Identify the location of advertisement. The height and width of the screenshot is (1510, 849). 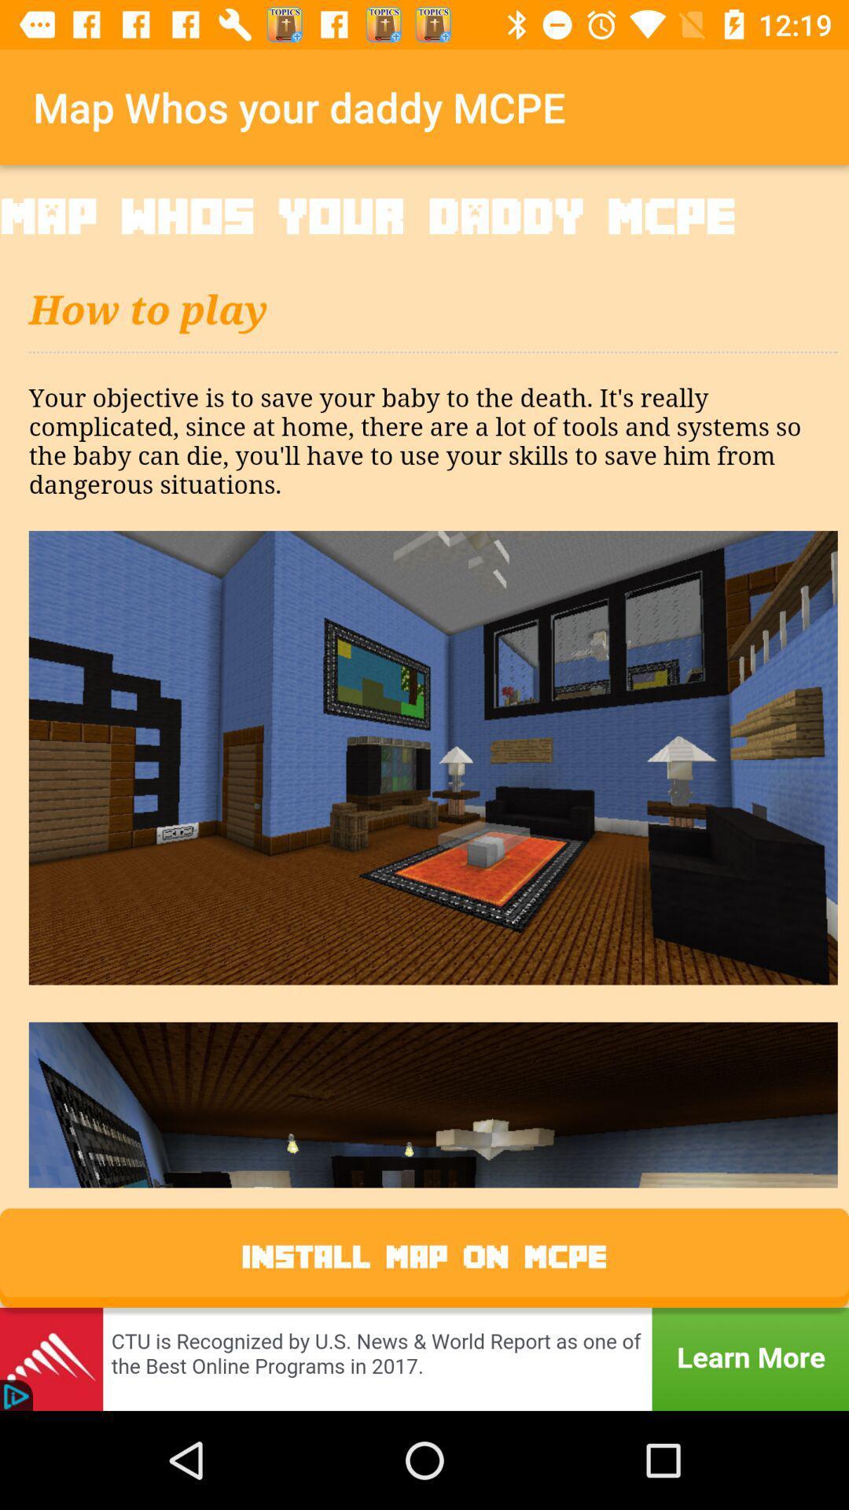
(424, 1358).